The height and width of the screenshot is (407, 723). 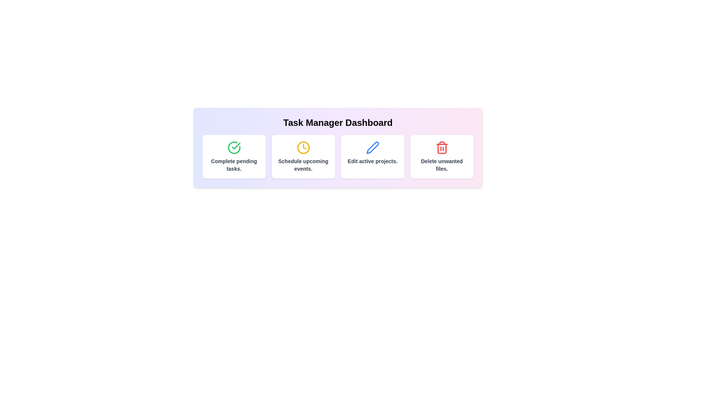 What do you see at coordinates (372, 156) in the screenshot?
I see `the button located in the central-right position of the grid, which activates the editing functionality for active projects` at bounding box center [372, 156].